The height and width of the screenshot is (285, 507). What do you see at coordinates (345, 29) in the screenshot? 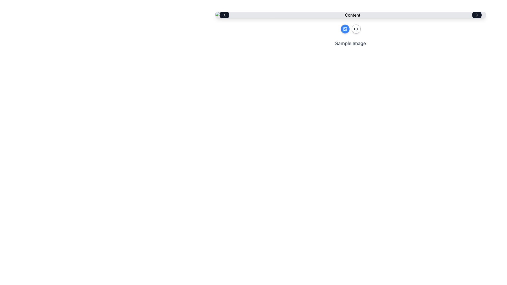
I see `the Decorative vector graphics component that serves as a visual backdrop within an icon positioned under the 'Content' header` at bounding box center [345, 29].